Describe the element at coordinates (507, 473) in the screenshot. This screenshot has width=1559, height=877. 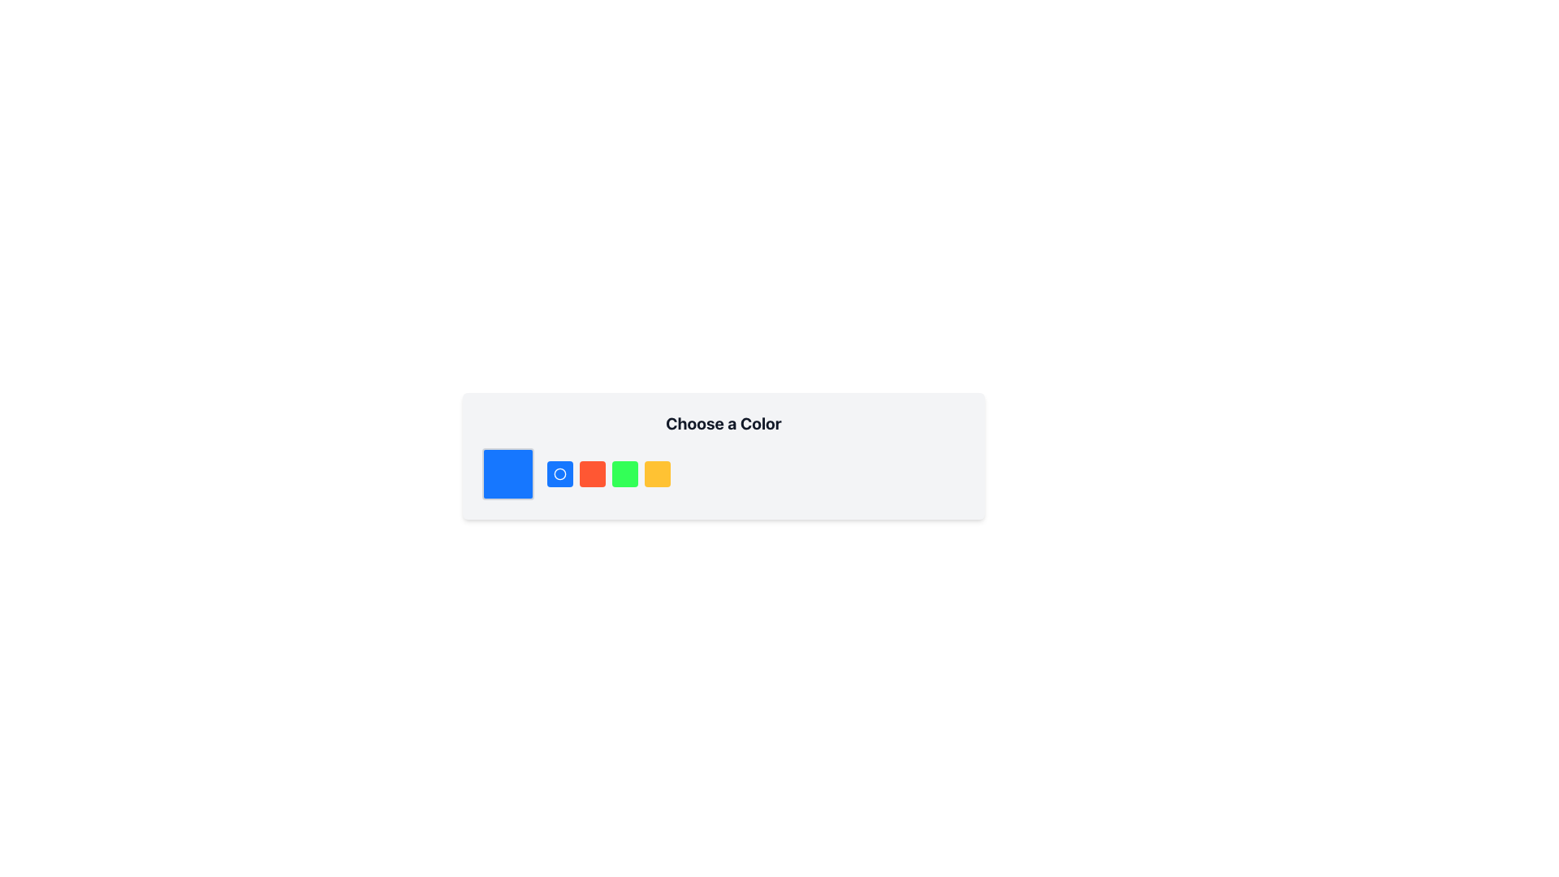
I see `the stylized blue box with rounded corners` at that location.